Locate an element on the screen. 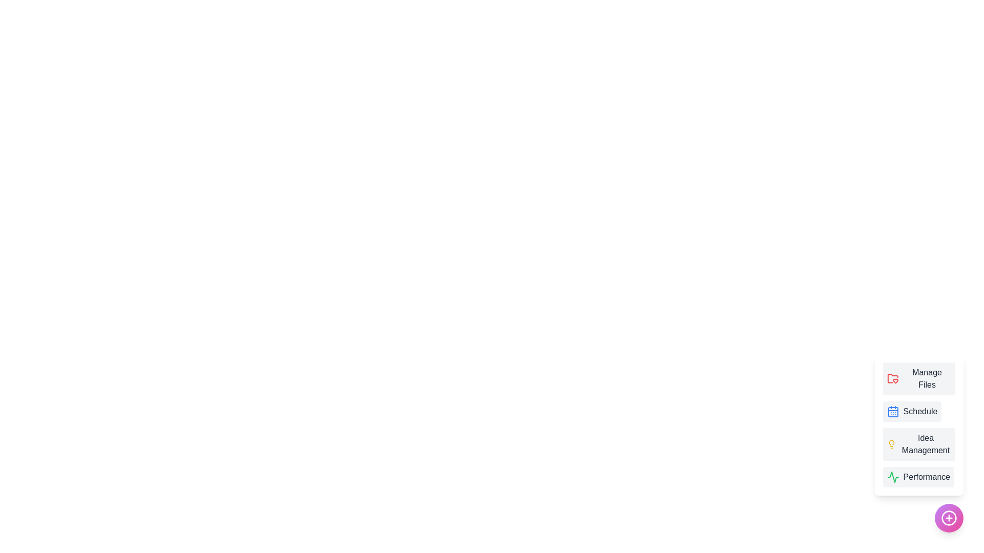 The image size is (984, 553). the 'Performance' button to select it is located at coordinates (918, 477).